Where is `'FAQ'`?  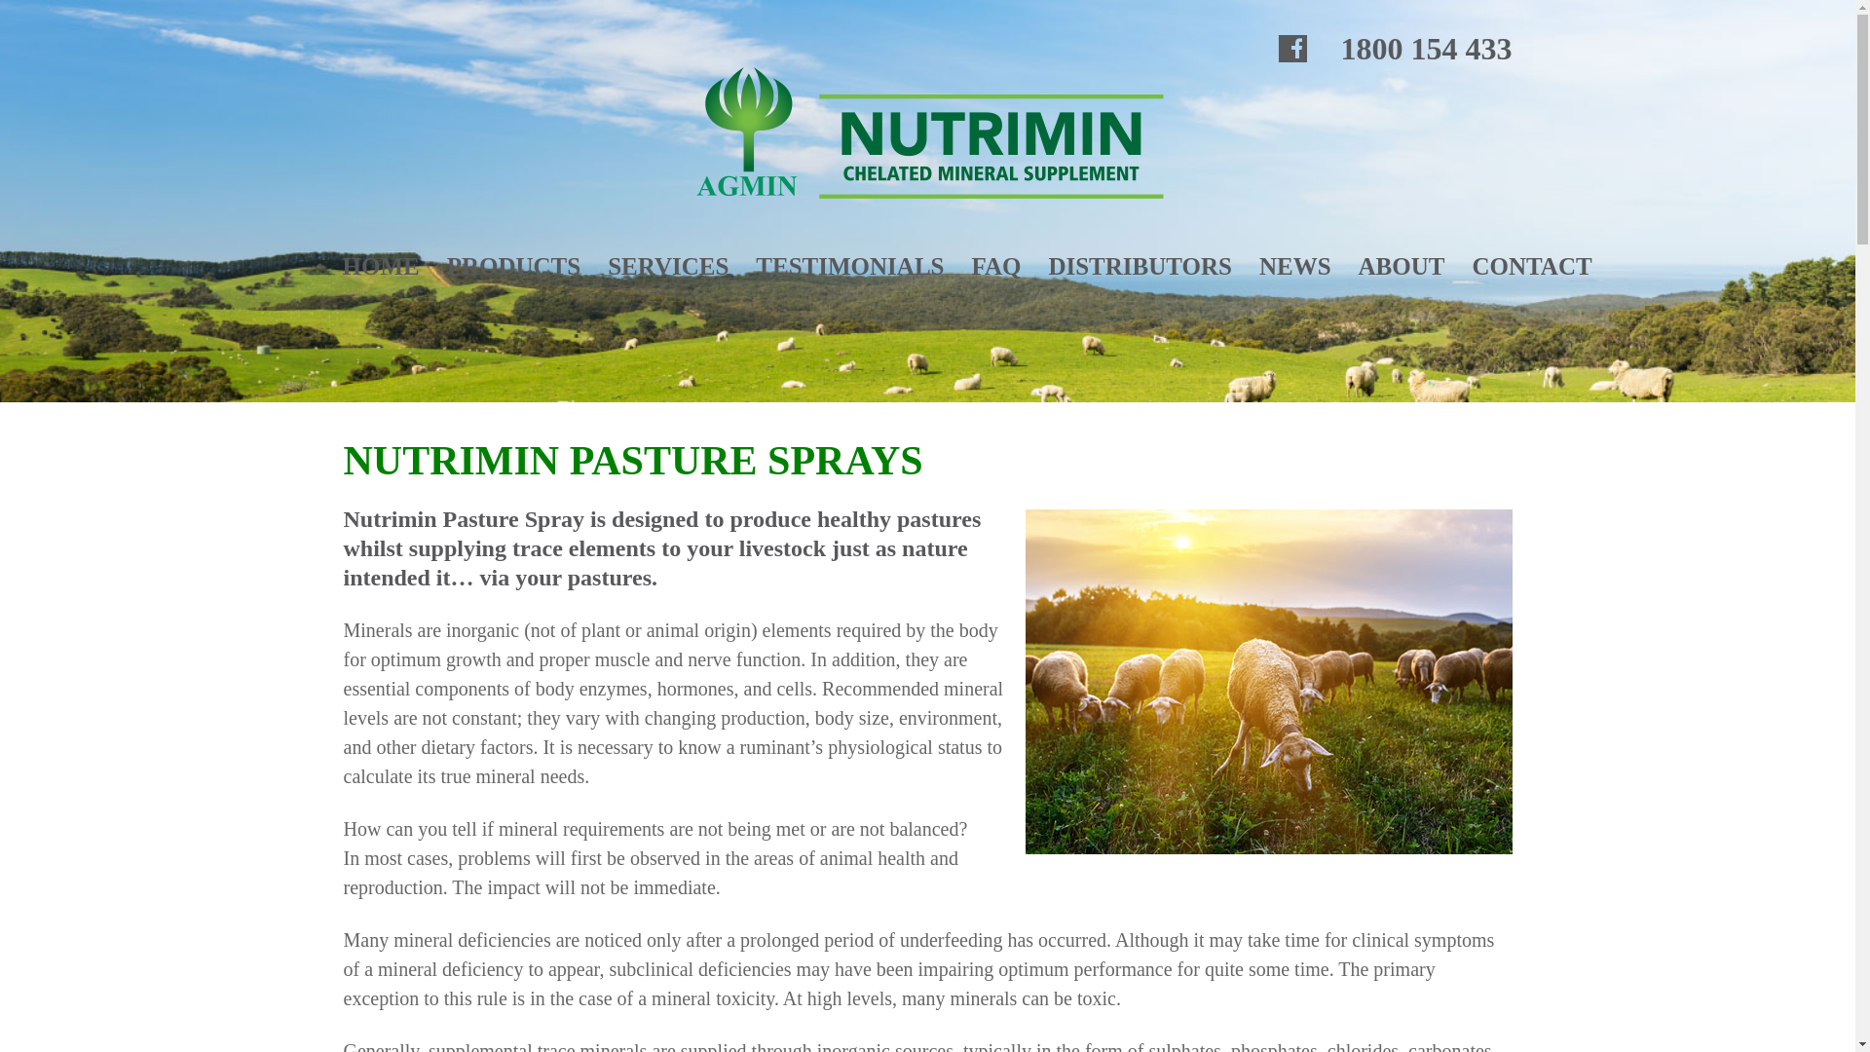
'FAQ' is located at coordinates (971, 266).